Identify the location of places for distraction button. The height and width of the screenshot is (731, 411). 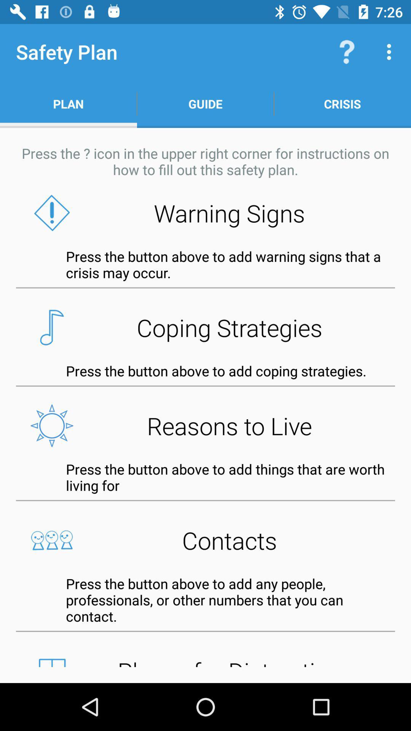
(205, 659).